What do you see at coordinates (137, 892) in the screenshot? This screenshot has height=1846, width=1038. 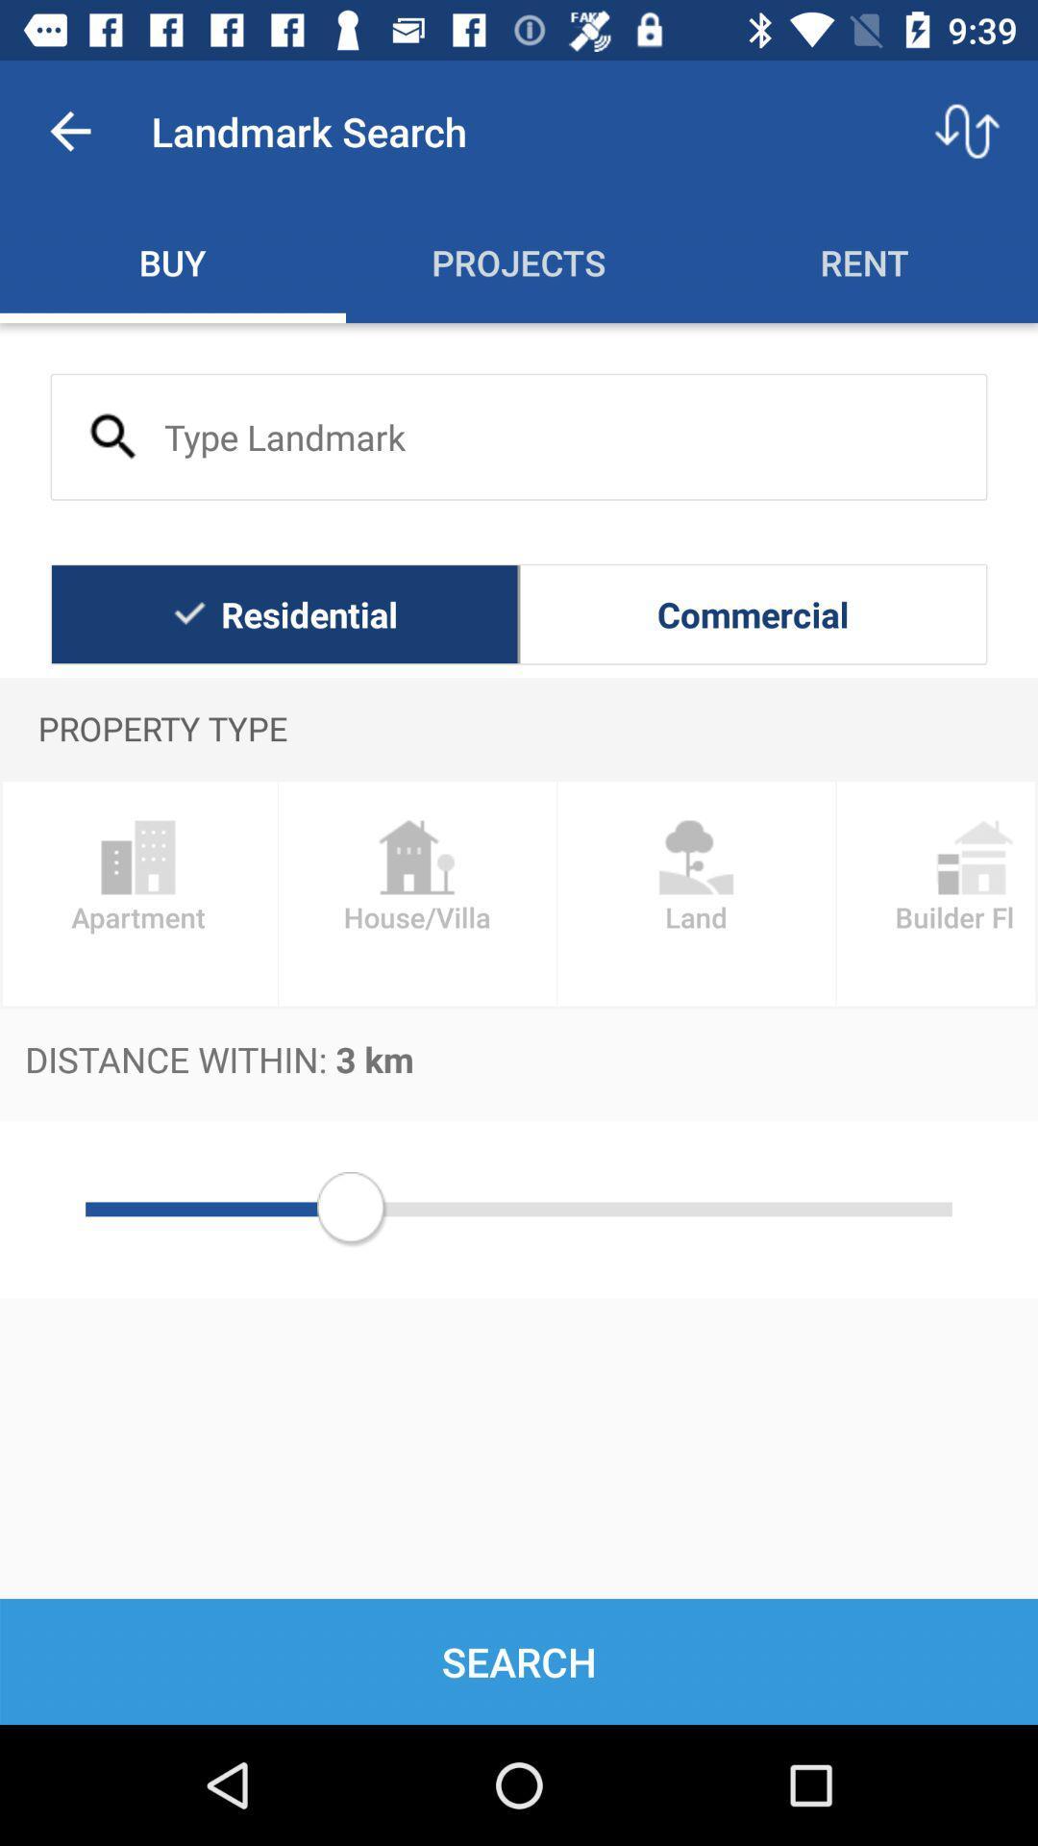 I see `the item above the distance within 3 icon` at bounding box center [137, 892].